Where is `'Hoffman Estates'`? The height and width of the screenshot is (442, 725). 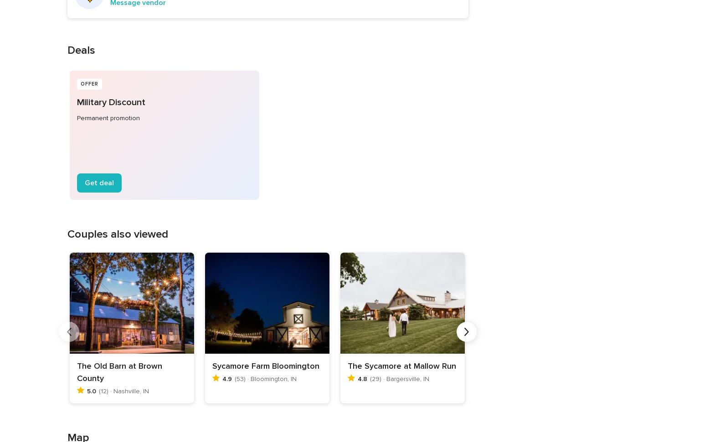 'Hoffman Estates' is located at coordinates (514, 366).